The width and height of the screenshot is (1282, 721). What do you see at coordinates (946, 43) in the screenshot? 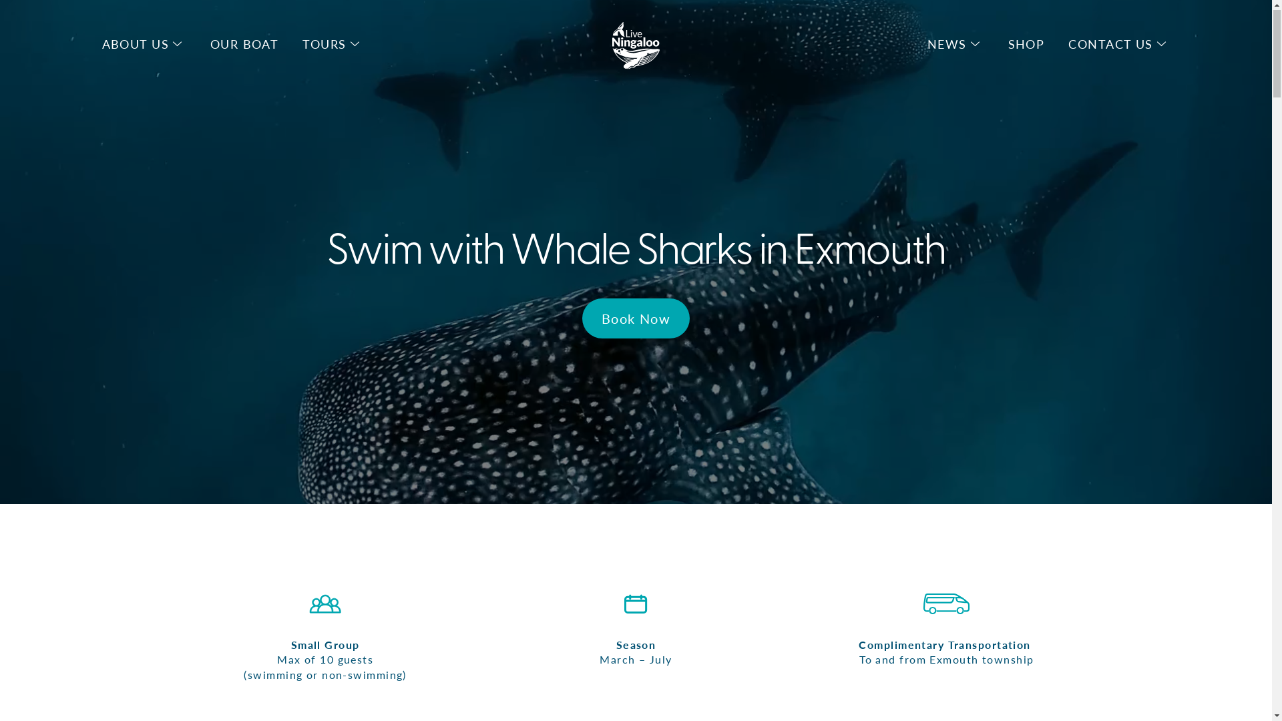
I see `'NEWS'` at bounding box center [946, 43].